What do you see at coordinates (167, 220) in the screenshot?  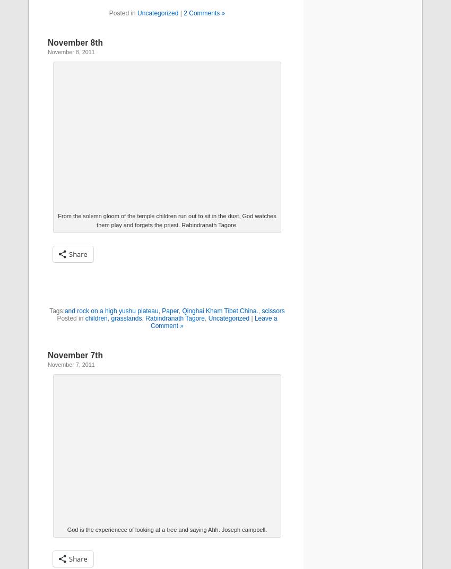 I see `'From the solemn gloom of the temple children run out to sit in the dust, God watches them play and forgets the priest. Rabindranath Tagore.'` at bounding box center [167, 220].